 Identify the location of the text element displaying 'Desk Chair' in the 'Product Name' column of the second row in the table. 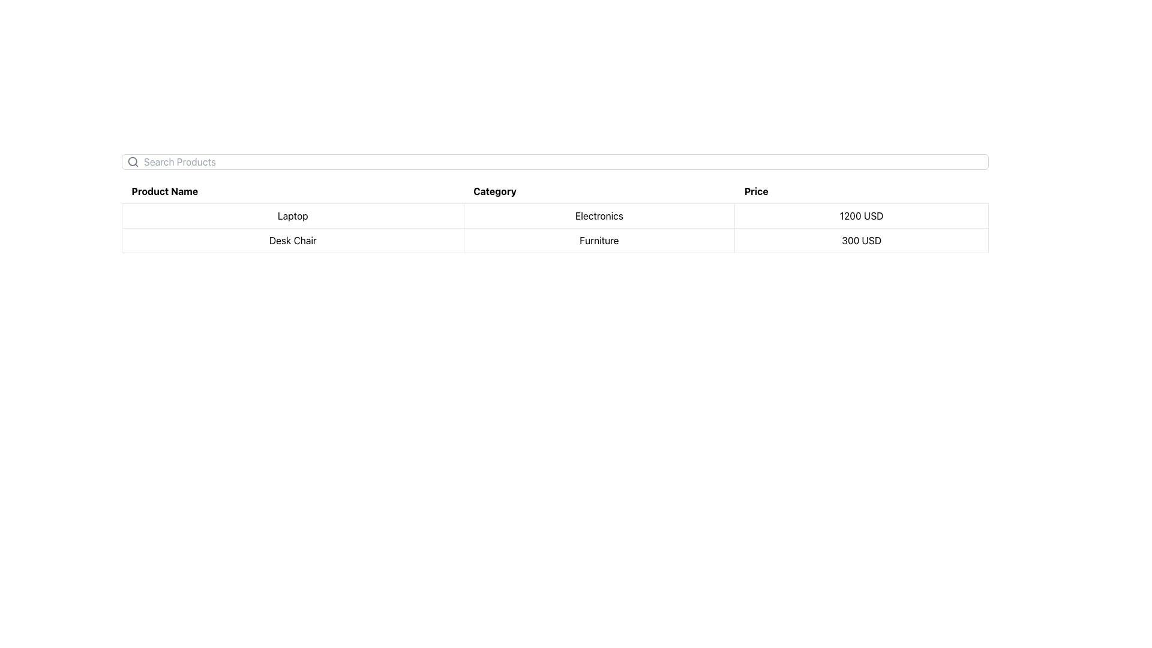
(293, 241).